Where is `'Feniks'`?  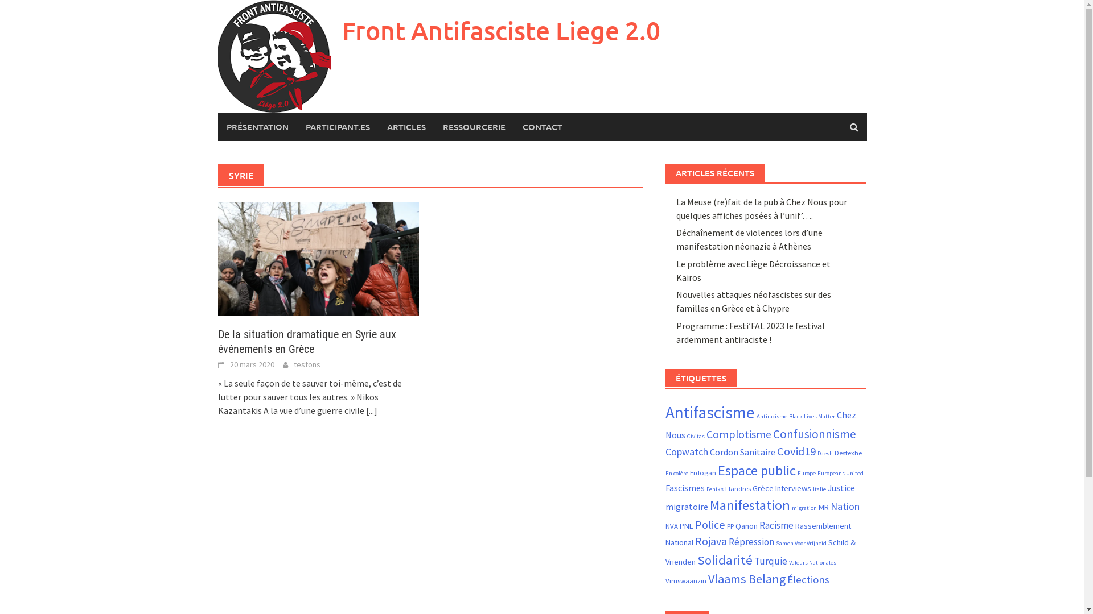
'Feniks' is located at coordinates (714, 488).